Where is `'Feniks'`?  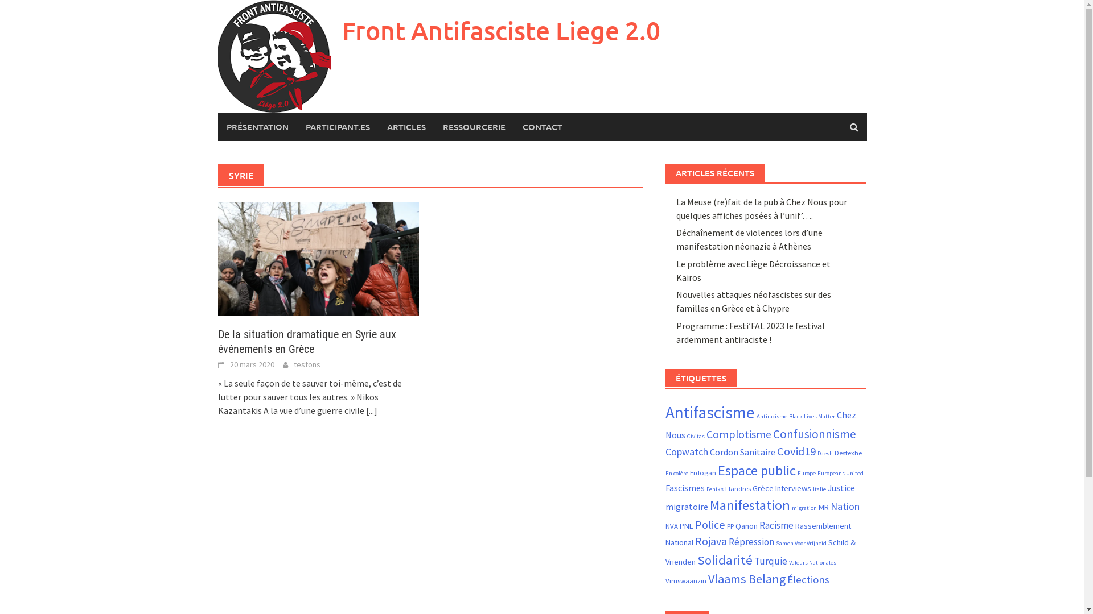
'Feniks' is located at coordinates (714, 488).